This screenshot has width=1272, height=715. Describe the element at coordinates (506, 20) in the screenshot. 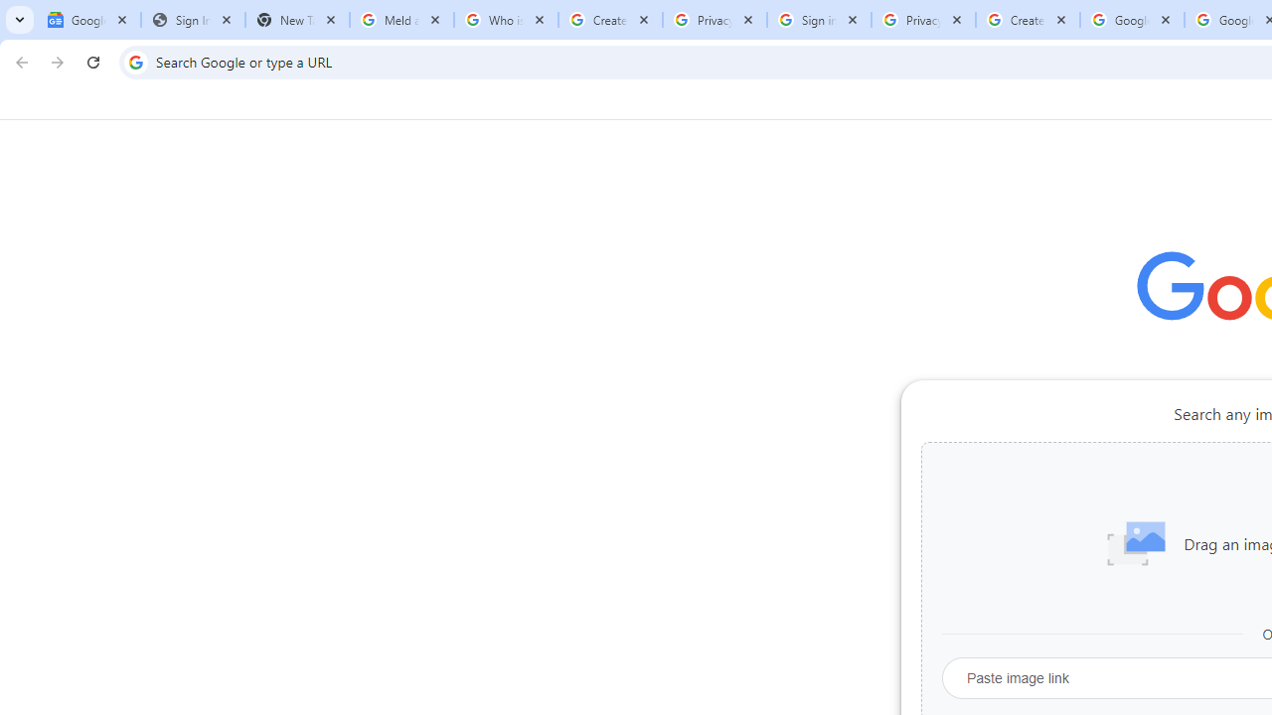

I see `'Who is my administrator? - Google Account Help'` at that location.